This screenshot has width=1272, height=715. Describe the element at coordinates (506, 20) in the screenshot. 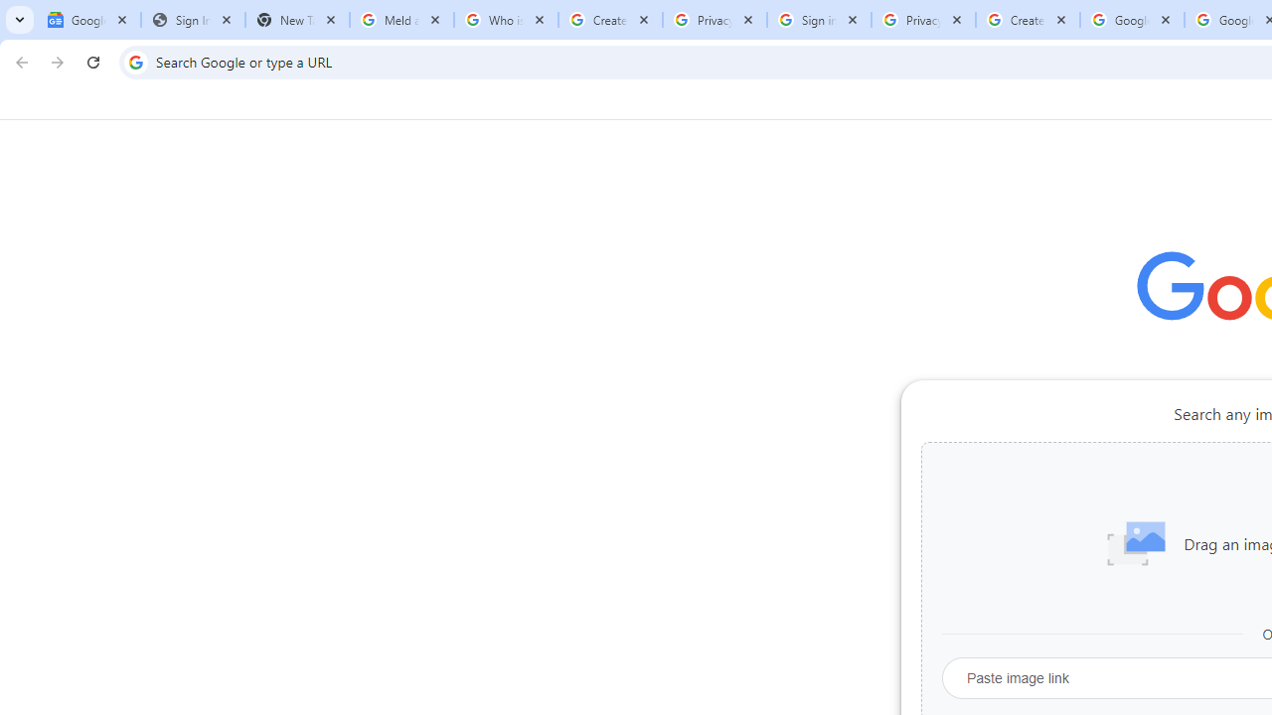

I see `'Who is my administrator? - Google Account Help'` at that location.